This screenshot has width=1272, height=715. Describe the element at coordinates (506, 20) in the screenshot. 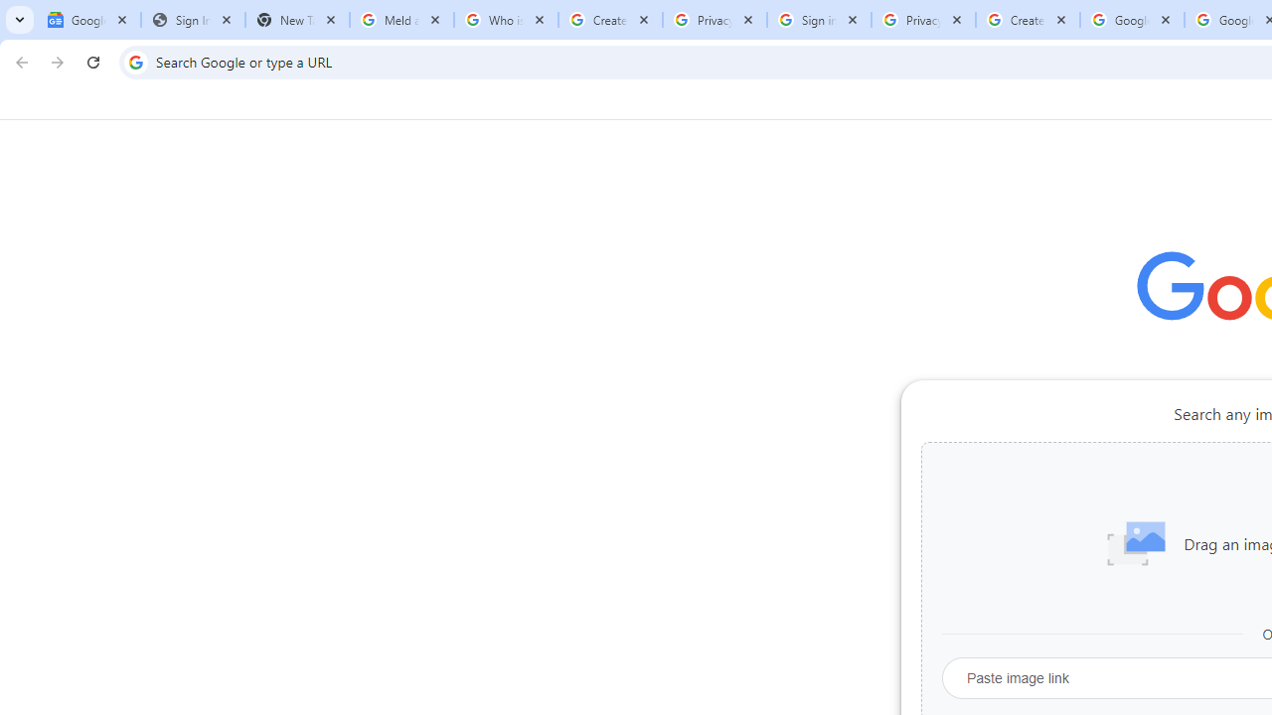

I see `'Who is my administrator? - Google Account Help'` at that location.